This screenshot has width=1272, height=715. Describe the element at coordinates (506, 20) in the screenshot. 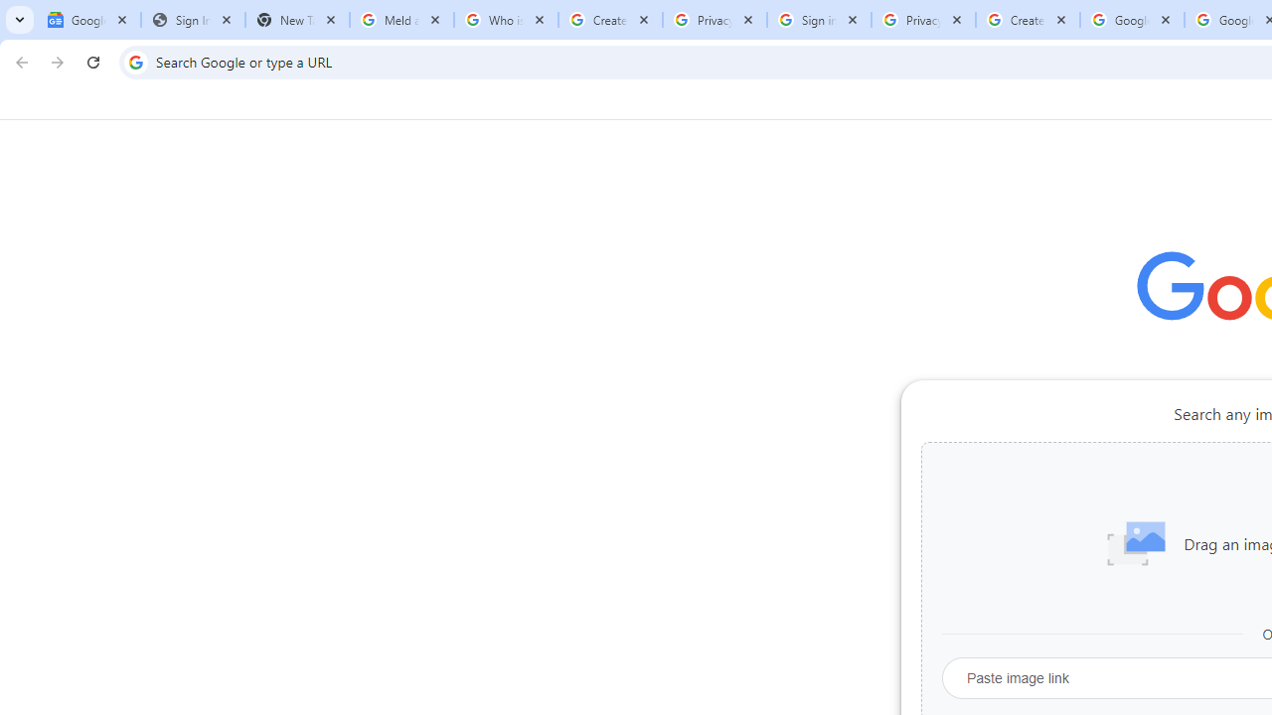

I see `'Who is my administrator? - Google Account Help'` at that location.